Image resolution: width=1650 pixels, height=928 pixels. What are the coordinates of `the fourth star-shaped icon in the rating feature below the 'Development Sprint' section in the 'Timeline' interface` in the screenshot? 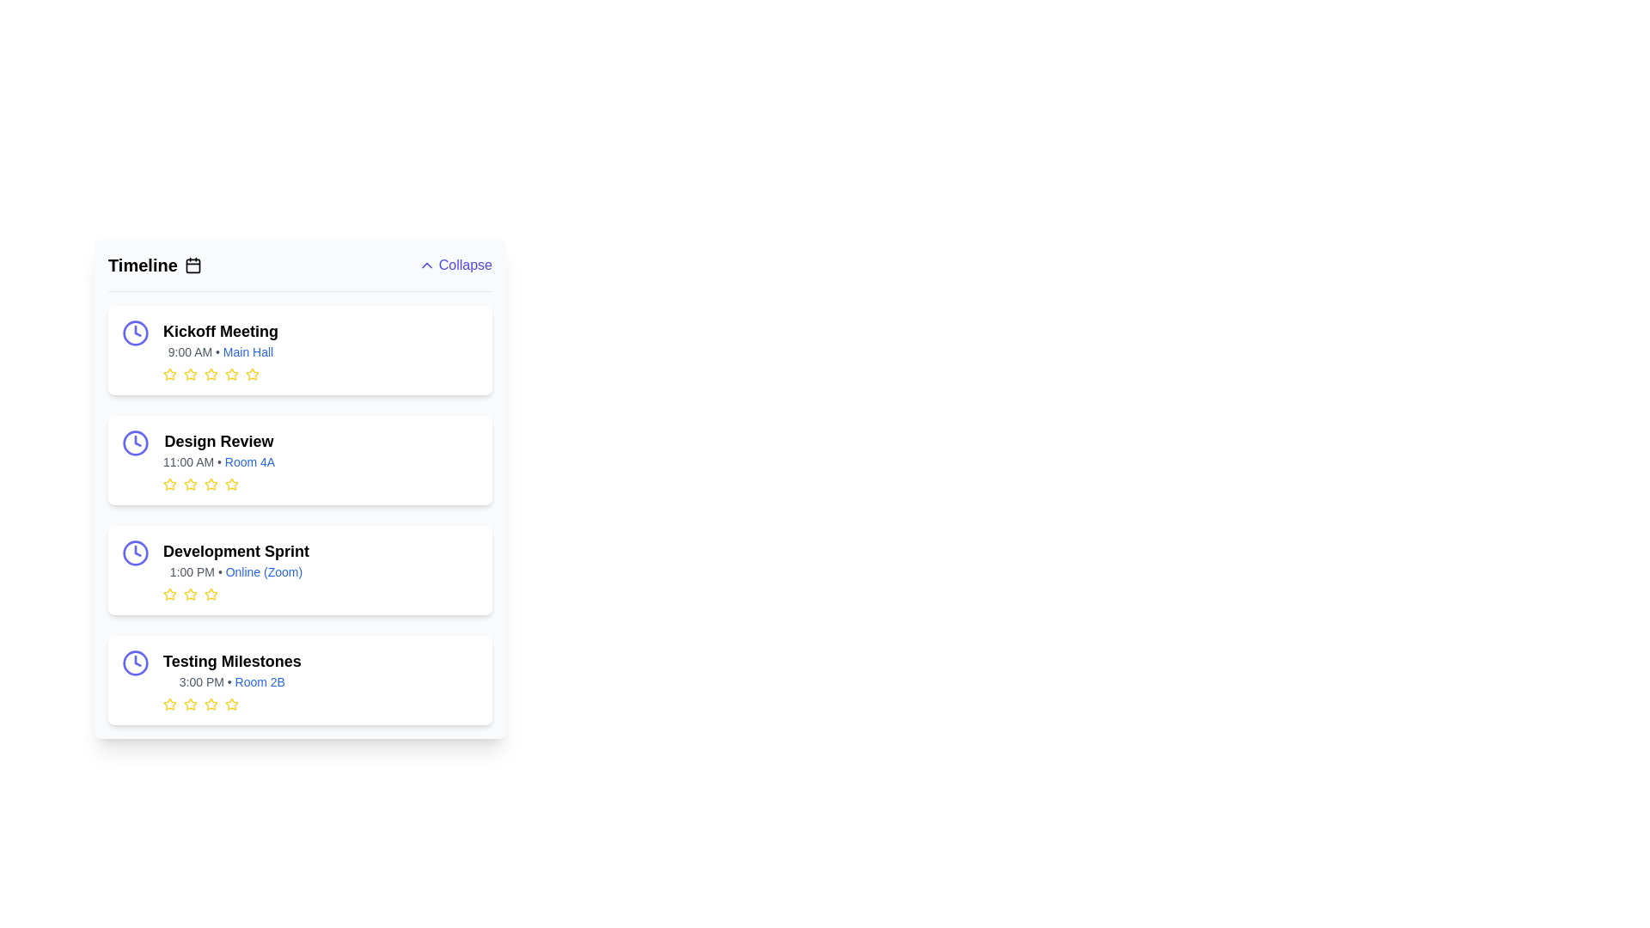 It's located at (210, 593).